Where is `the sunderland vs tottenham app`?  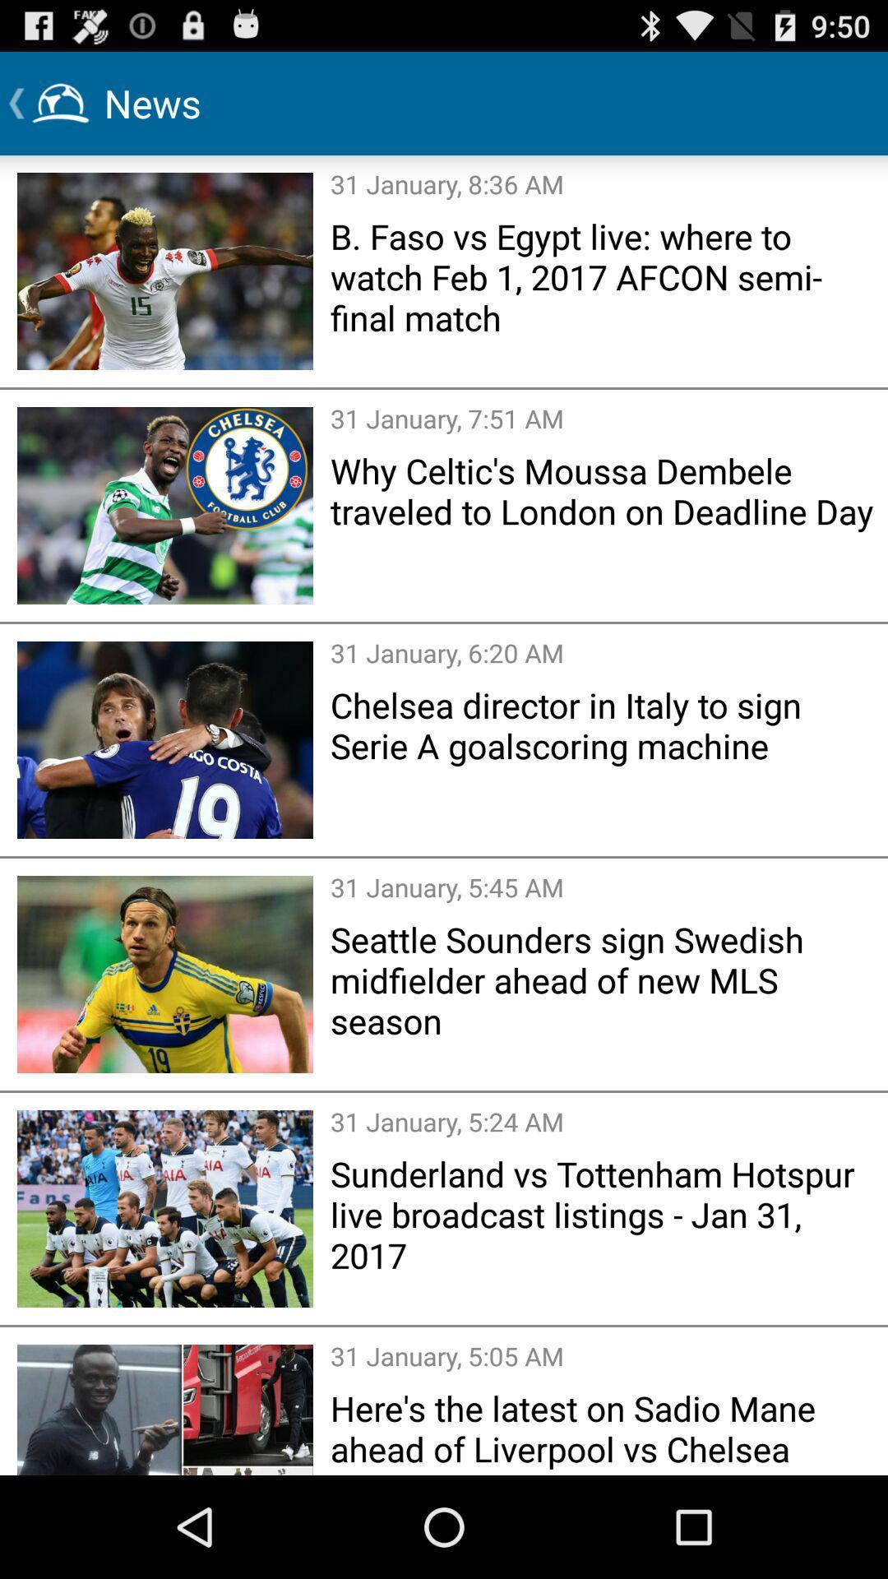
the sunderland vs tottenham app is located at coordinates (604, 1214).